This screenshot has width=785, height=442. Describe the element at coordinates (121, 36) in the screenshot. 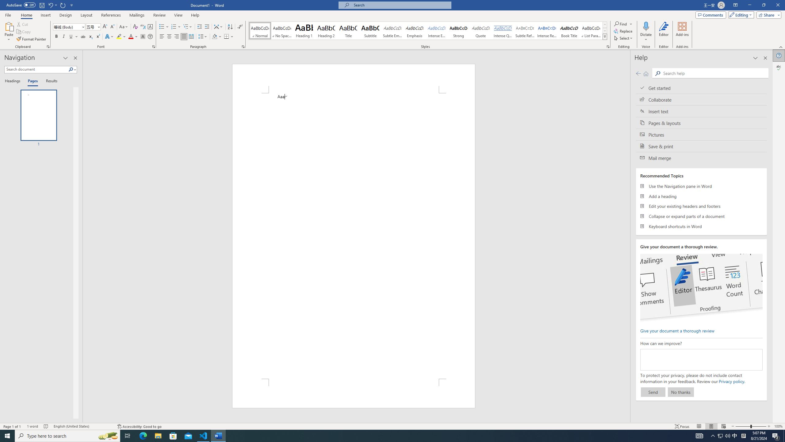

I see `'Text Highlight Color'` at that location.